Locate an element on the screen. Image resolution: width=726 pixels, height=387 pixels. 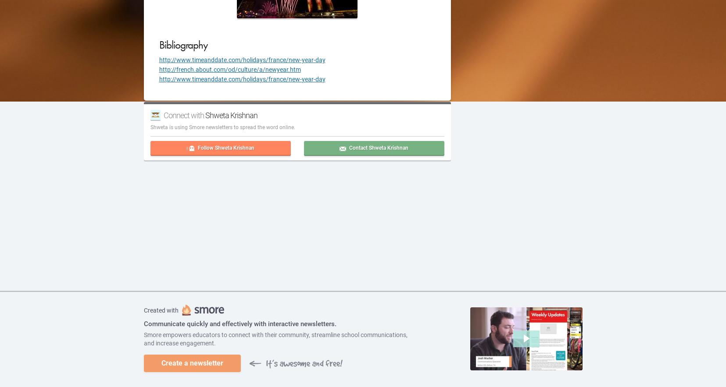
'is using Smore newsletters
                    to spread the word online.' is located at coordinates (167, 127).